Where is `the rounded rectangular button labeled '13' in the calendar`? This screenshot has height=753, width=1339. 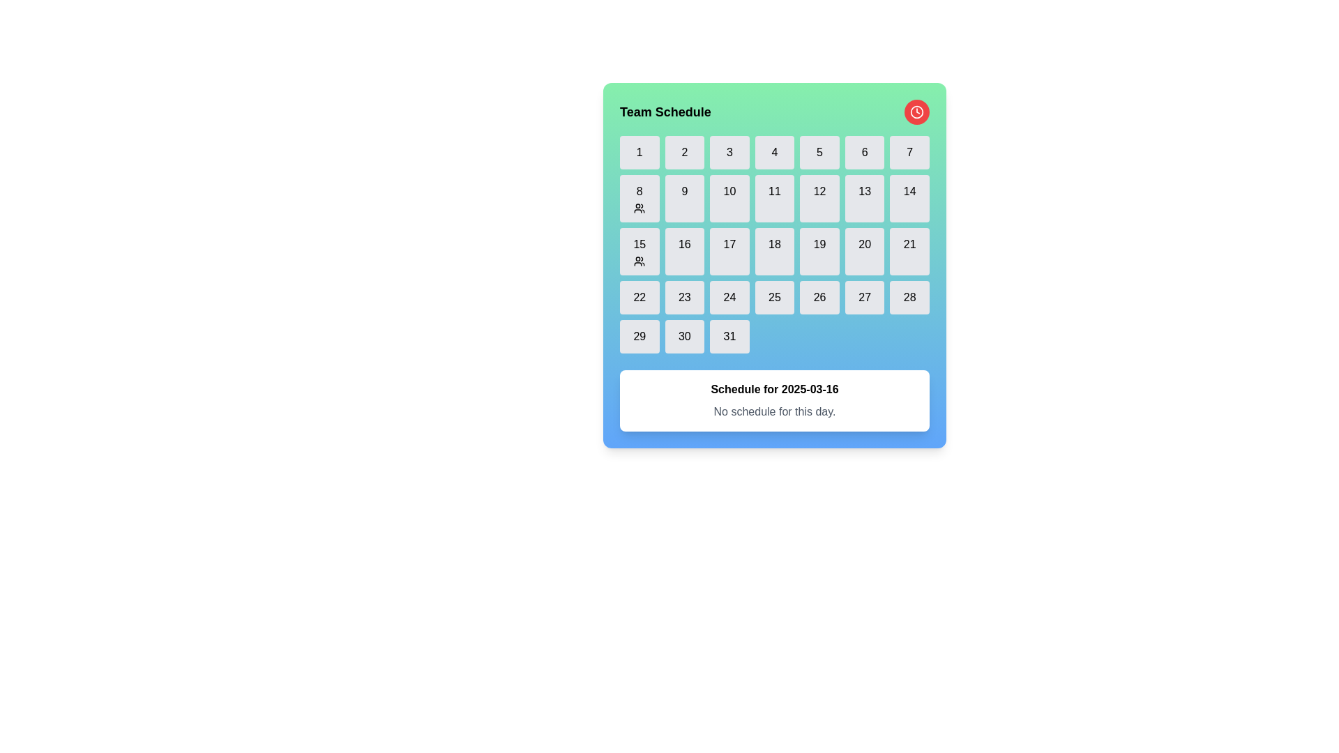 the rounded rectangular button labeled '13' in the calendar is located at coordinates (863, 199).